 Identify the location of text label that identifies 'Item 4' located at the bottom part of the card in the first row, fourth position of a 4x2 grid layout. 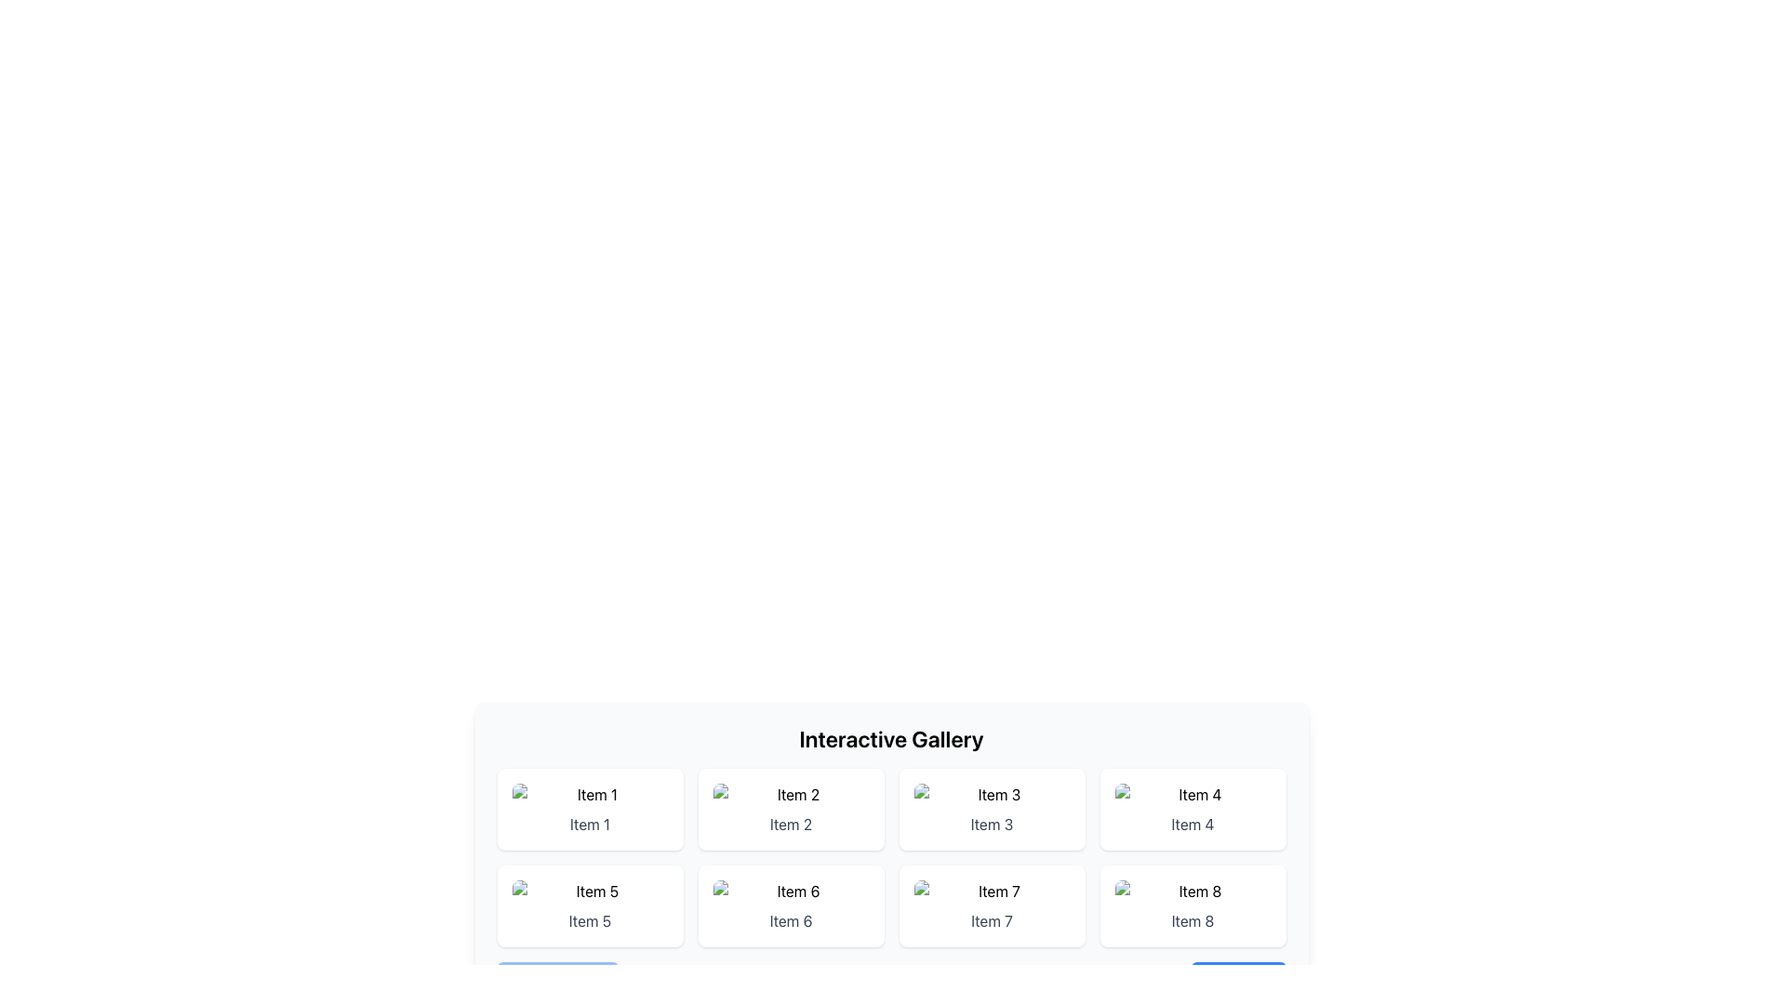
(1193, 824).